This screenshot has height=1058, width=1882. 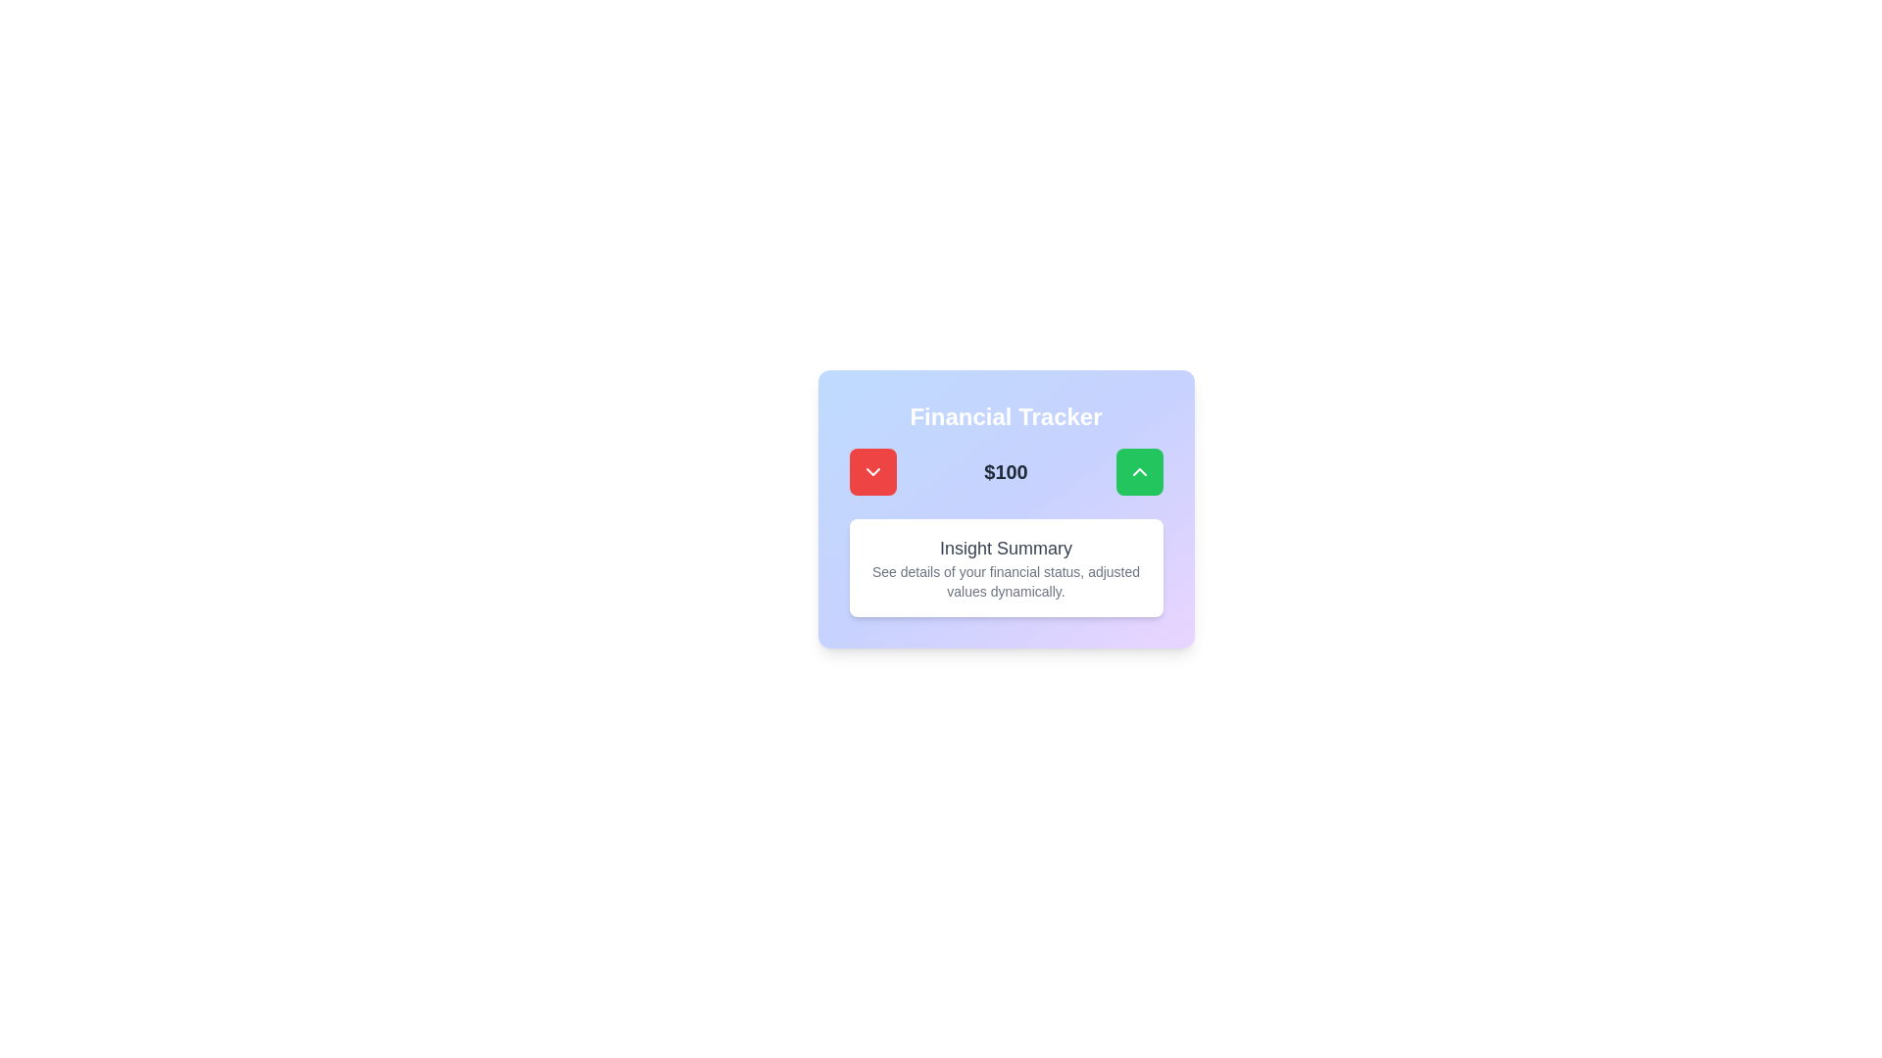 I want to click on the Static text component that provides additional explanatory information about financial insights, located beneath the 'Insight Summary' heading within a card-like section, so click(x=1006, y=581).